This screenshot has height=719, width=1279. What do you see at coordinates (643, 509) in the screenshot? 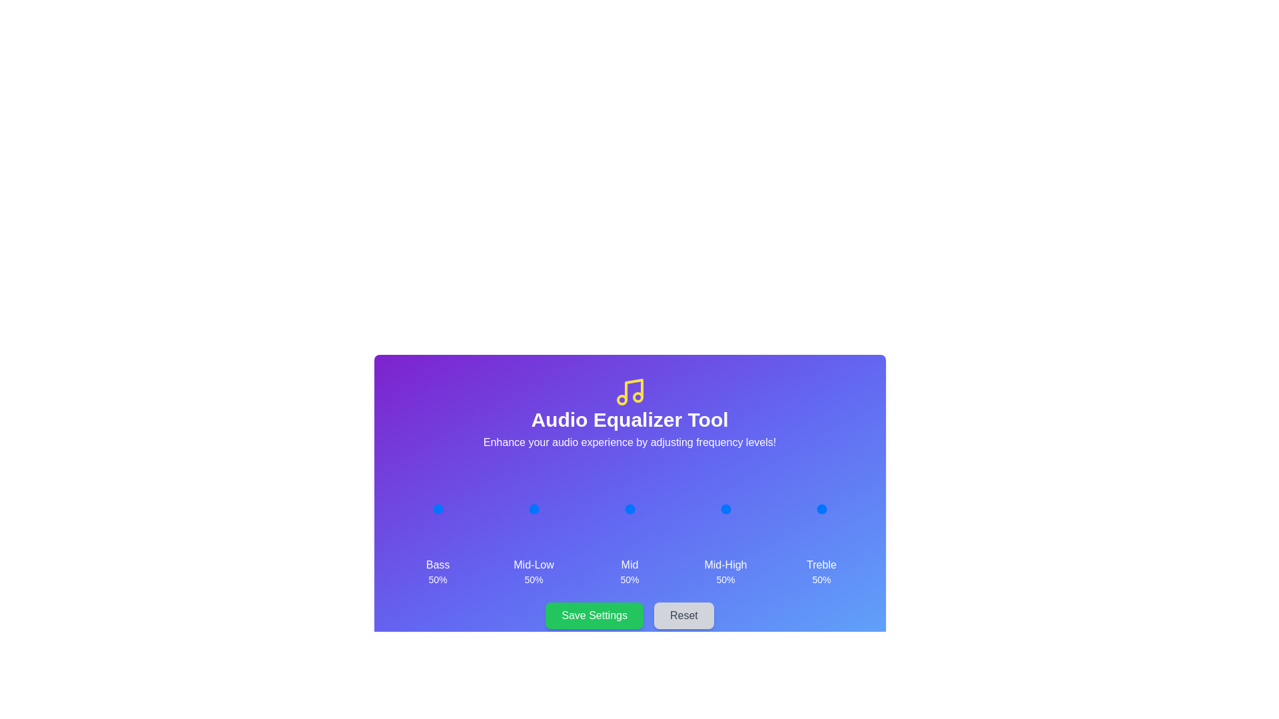
I see `the 2 slider to 82%` at bounding box center [643, 509].